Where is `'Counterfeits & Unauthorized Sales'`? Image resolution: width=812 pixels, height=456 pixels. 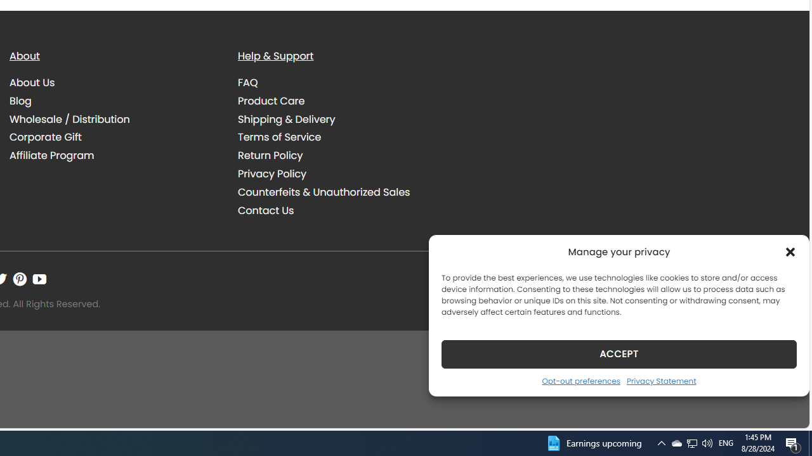
'Counterfeits & Unauthorized Sales' is located at coordinates (324, 192).